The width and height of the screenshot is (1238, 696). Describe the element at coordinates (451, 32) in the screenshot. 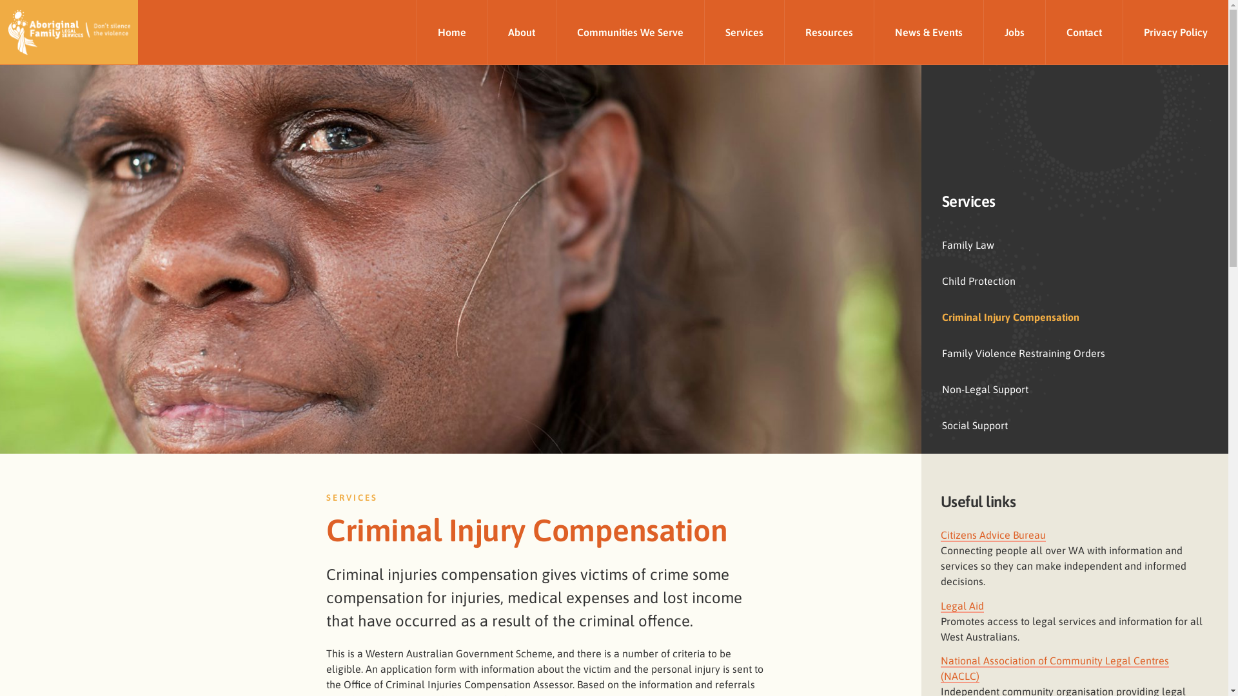

I see `'Home'` at that location.